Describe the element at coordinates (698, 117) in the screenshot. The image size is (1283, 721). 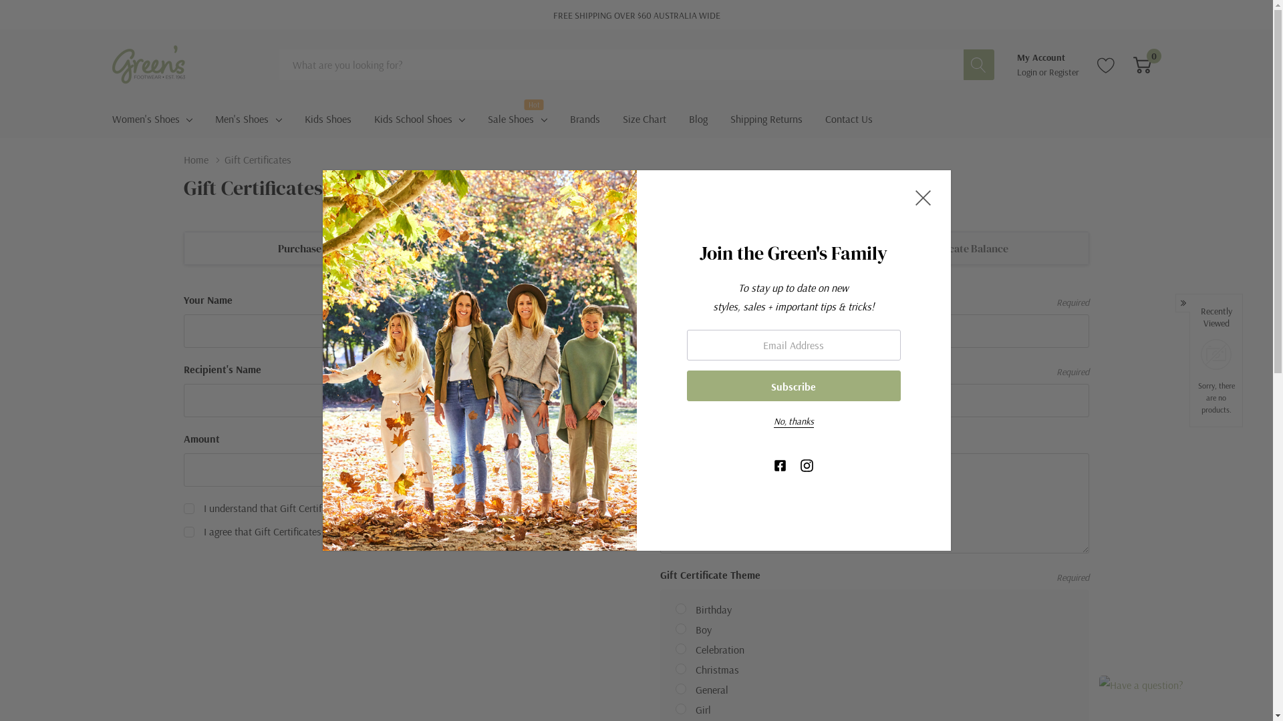
I see `'Blog'` at that location.